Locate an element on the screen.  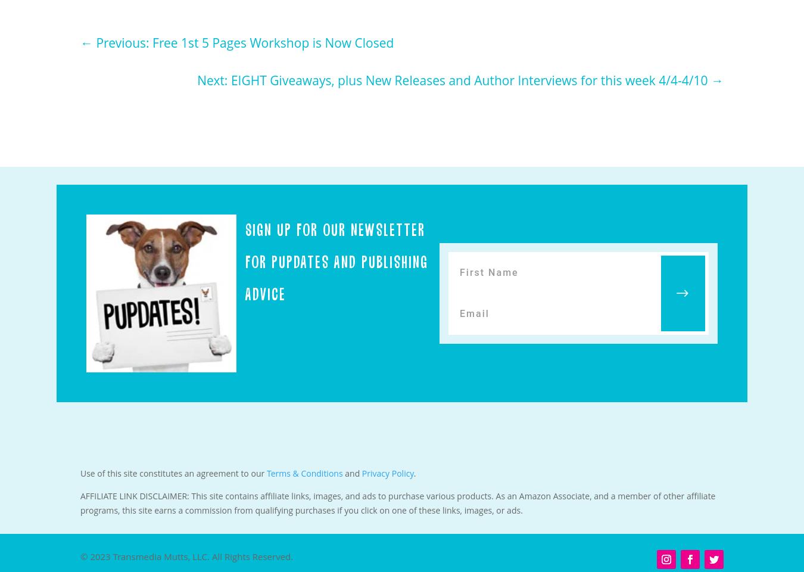
'Previous: Free 1st 5 Pages Workshop is Now Closed' is located at coordinates (244, 42).